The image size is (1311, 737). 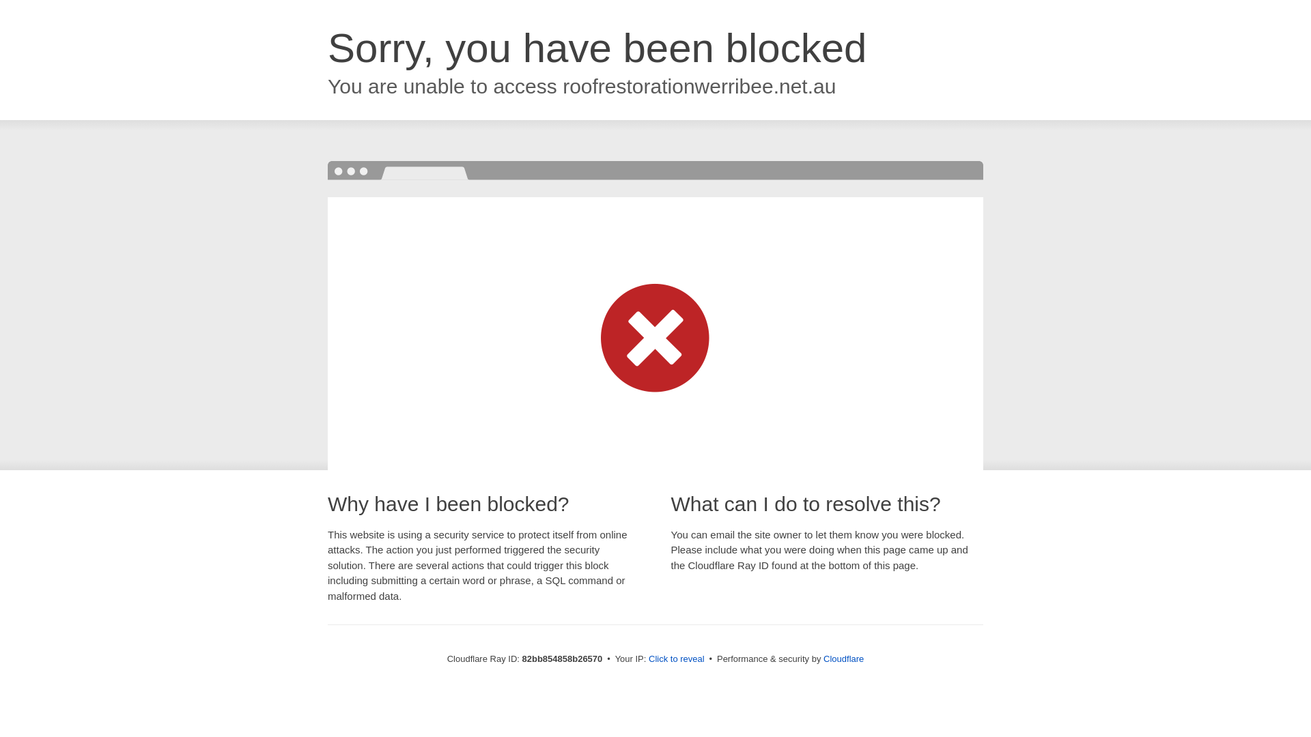 What do you see at coordinates (843, 658) in the screenshot?
I see `'Cloudflare'` at bounding box center [843, 658].